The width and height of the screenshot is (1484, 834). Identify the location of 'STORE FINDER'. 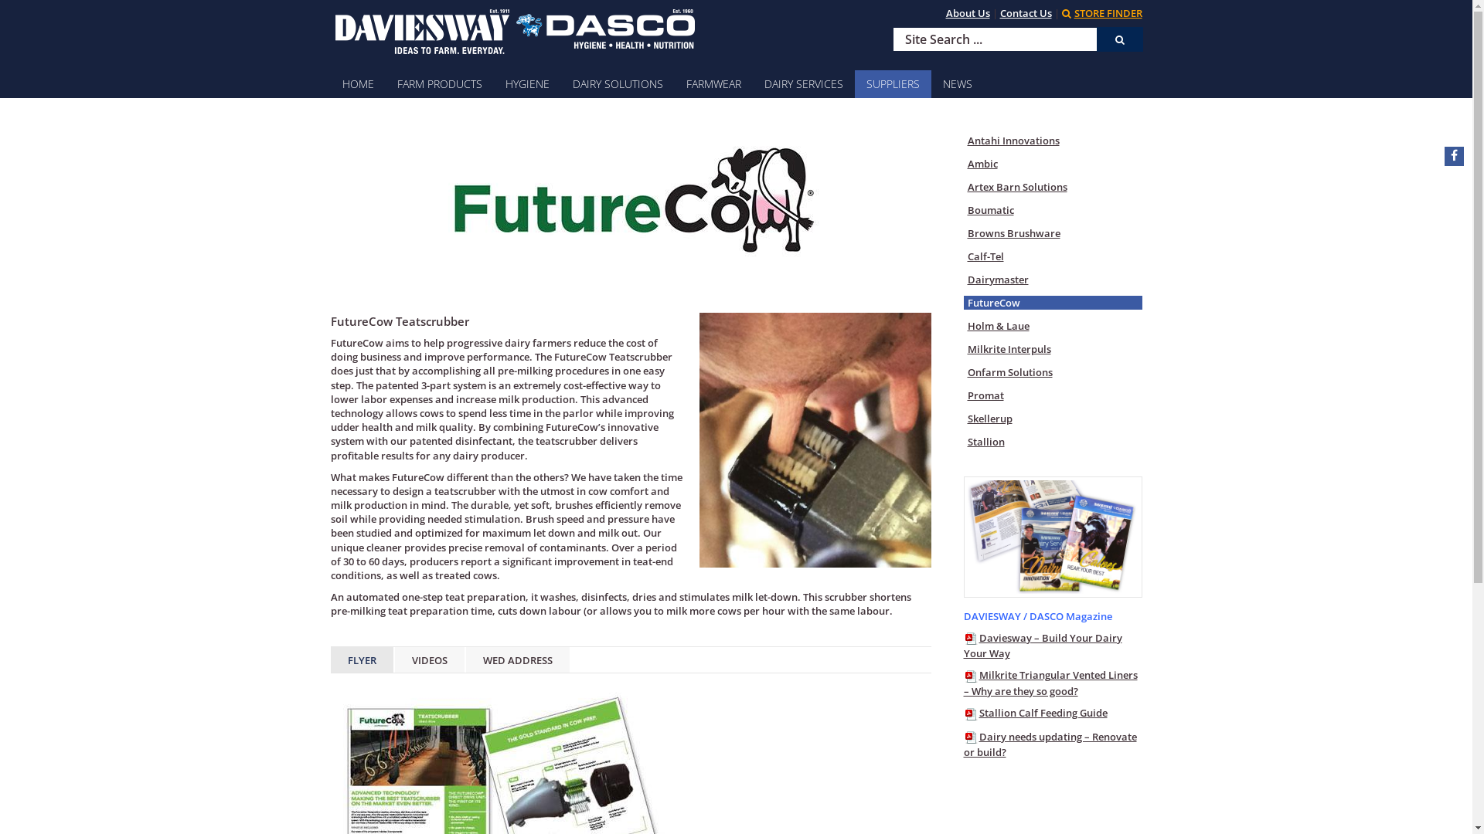
(1101, 12).